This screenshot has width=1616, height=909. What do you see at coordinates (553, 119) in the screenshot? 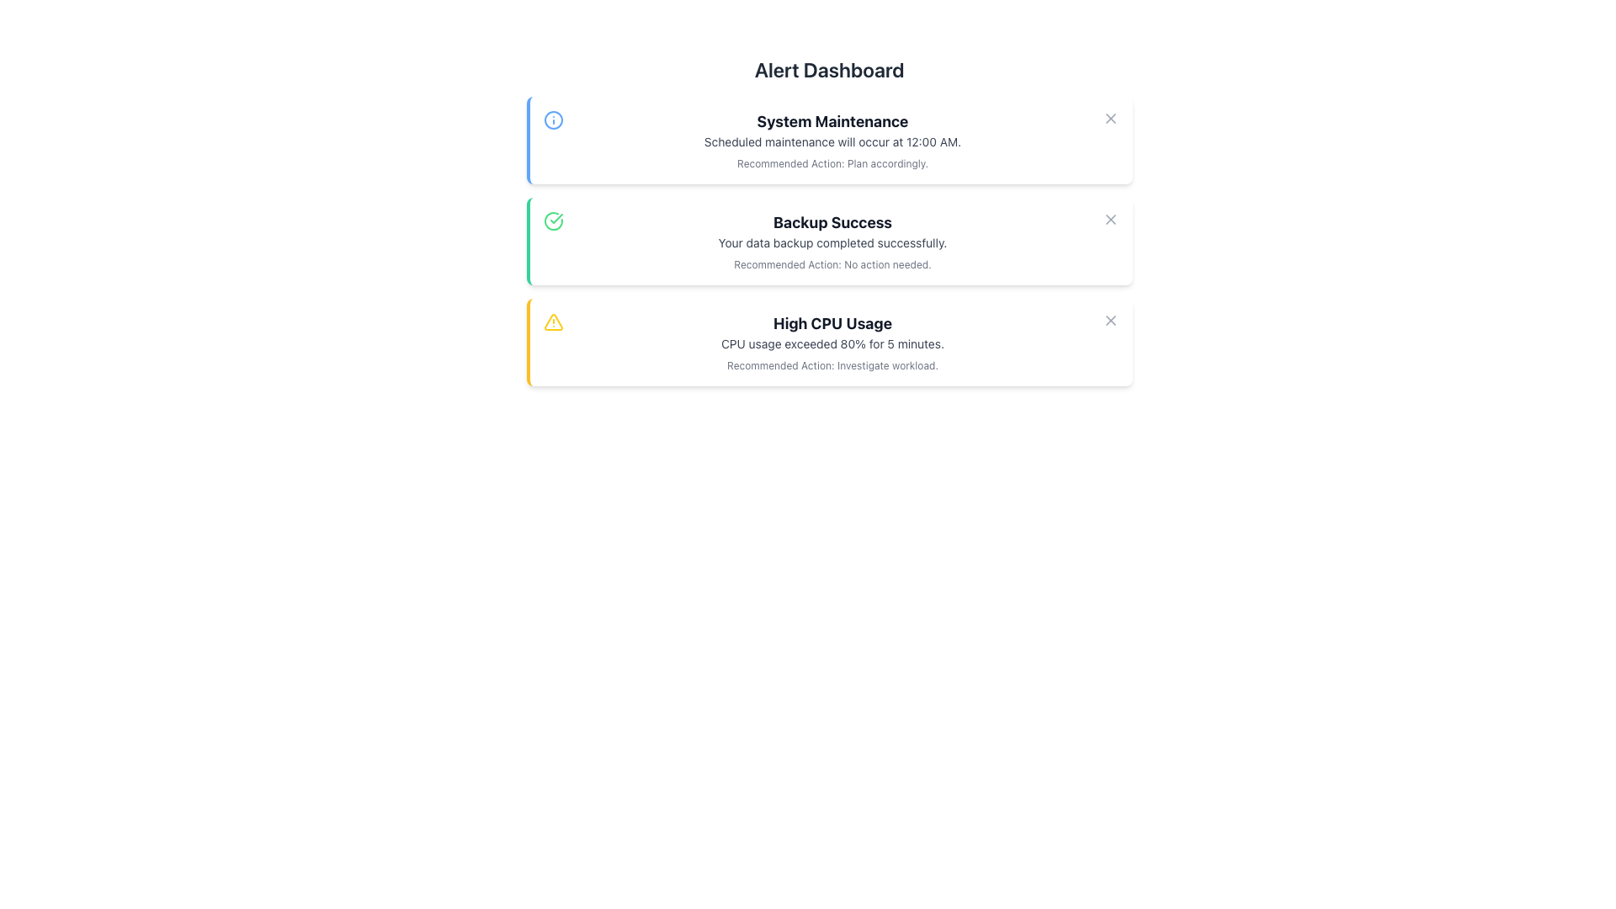
I see `the information icon in the top left corner of the 'System Maintenance' notification card to understand the nature of the notification` at bounding box center [553, 119].